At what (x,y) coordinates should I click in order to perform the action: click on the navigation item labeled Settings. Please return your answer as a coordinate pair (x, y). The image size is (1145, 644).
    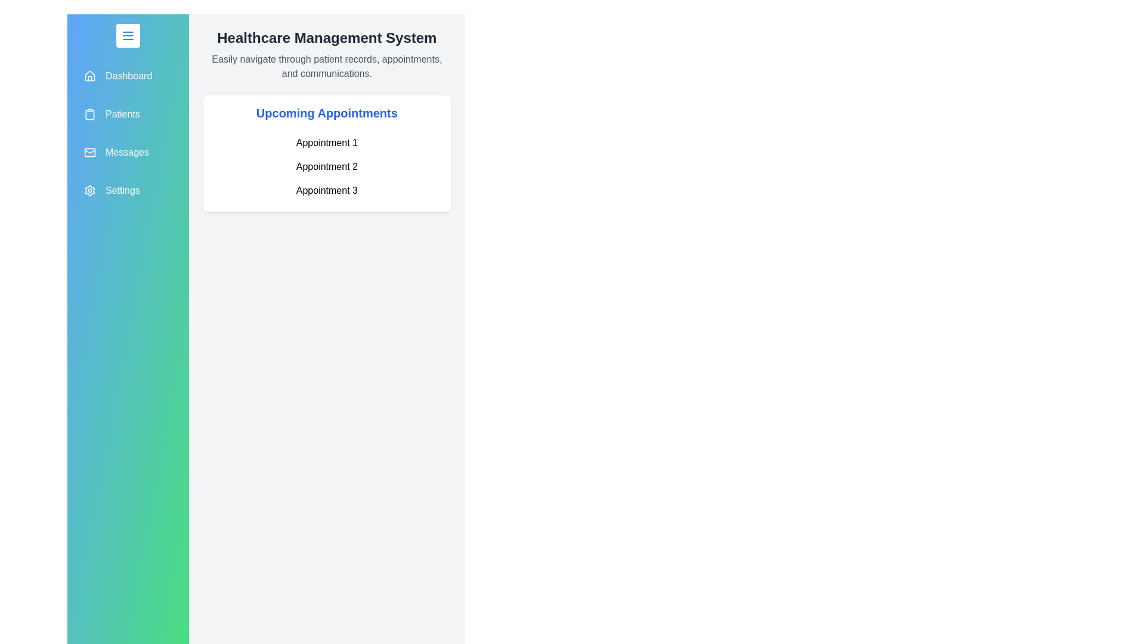
    Looking at the image, I should click on (128, 190).